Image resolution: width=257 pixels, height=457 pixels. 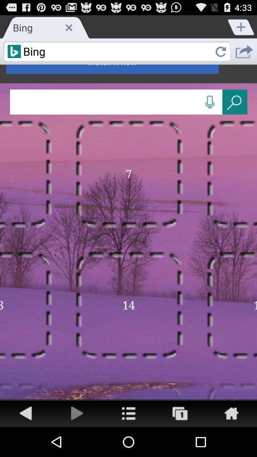 I want to click on the close icon, so click(x=68, y=29).